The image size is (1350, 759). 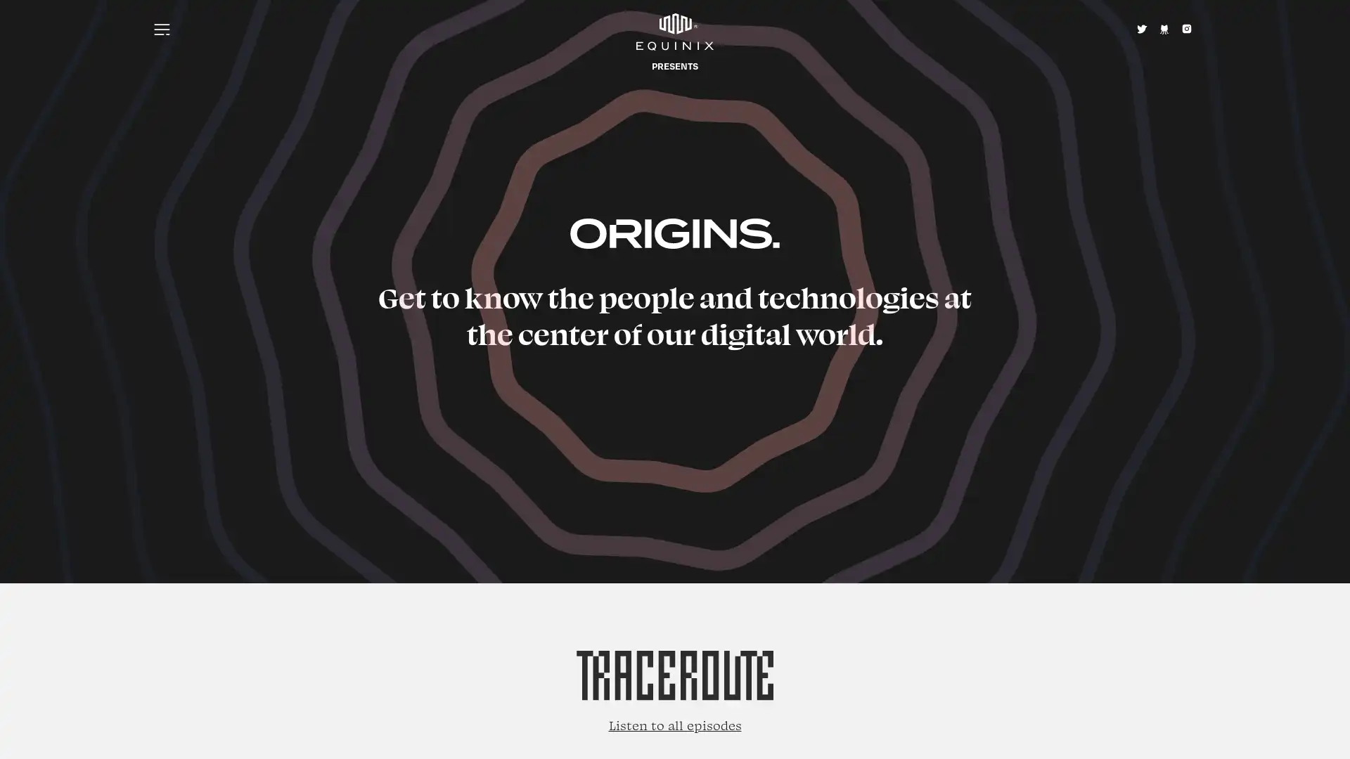 What do you see at coordinates (162, 30) in the screenshot?
I see `Menu icon` at bounding box center [162, 30].